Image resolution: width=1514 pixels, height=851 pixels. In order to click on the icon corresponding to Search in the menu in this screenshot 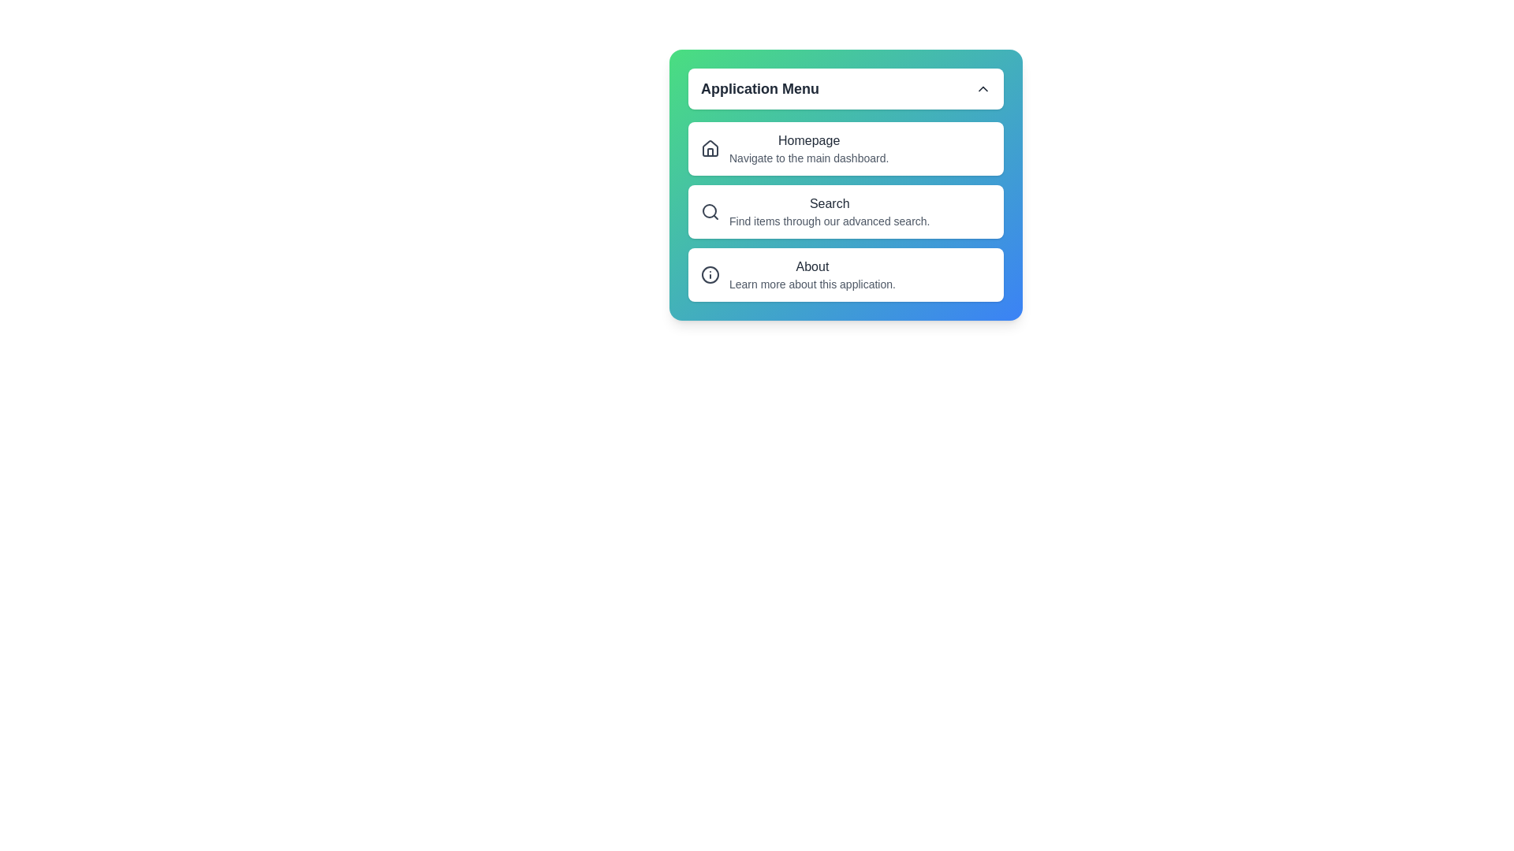, I will do `click(710, 211)`.